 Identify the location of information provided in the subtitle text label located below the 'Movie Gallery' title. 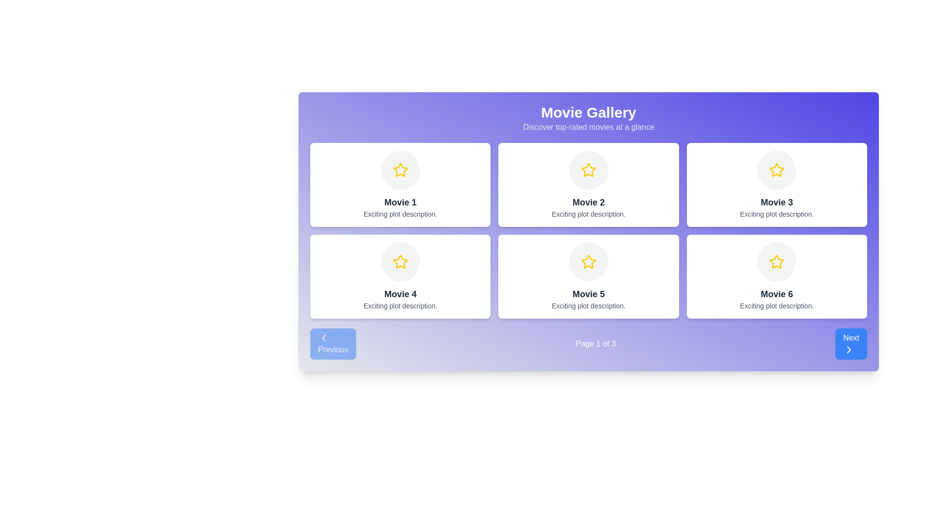
(588, 127).